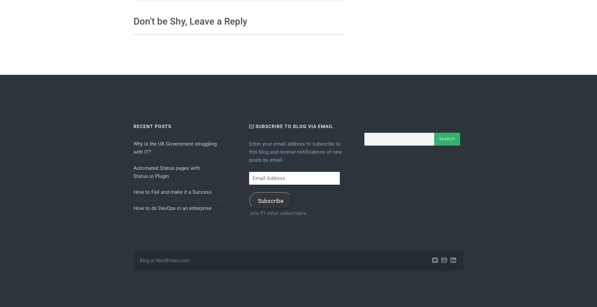  I want to click on 'How to do DevOps in an enterprise', so click(172, 208).